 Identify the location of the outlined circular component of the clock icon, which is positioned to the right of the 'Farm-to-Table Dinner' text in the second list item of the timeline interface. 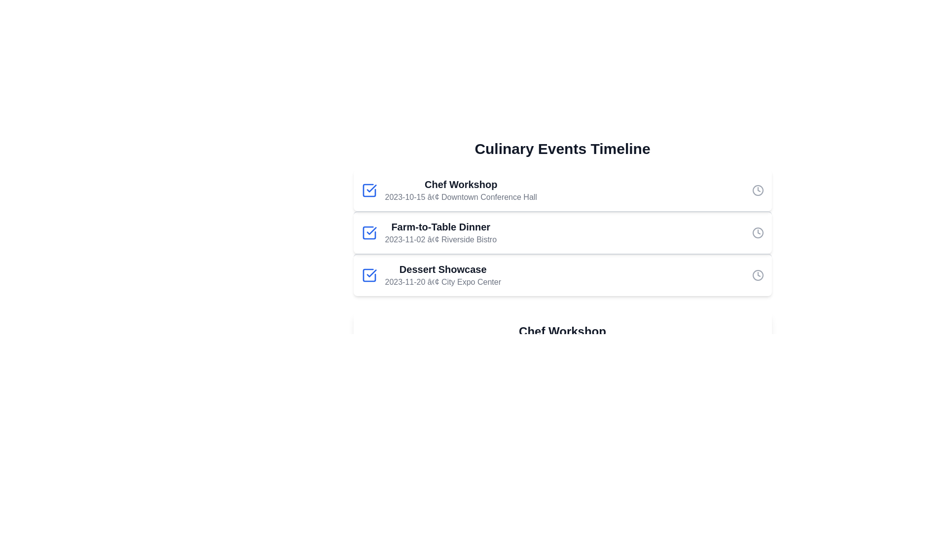
(757, 232).